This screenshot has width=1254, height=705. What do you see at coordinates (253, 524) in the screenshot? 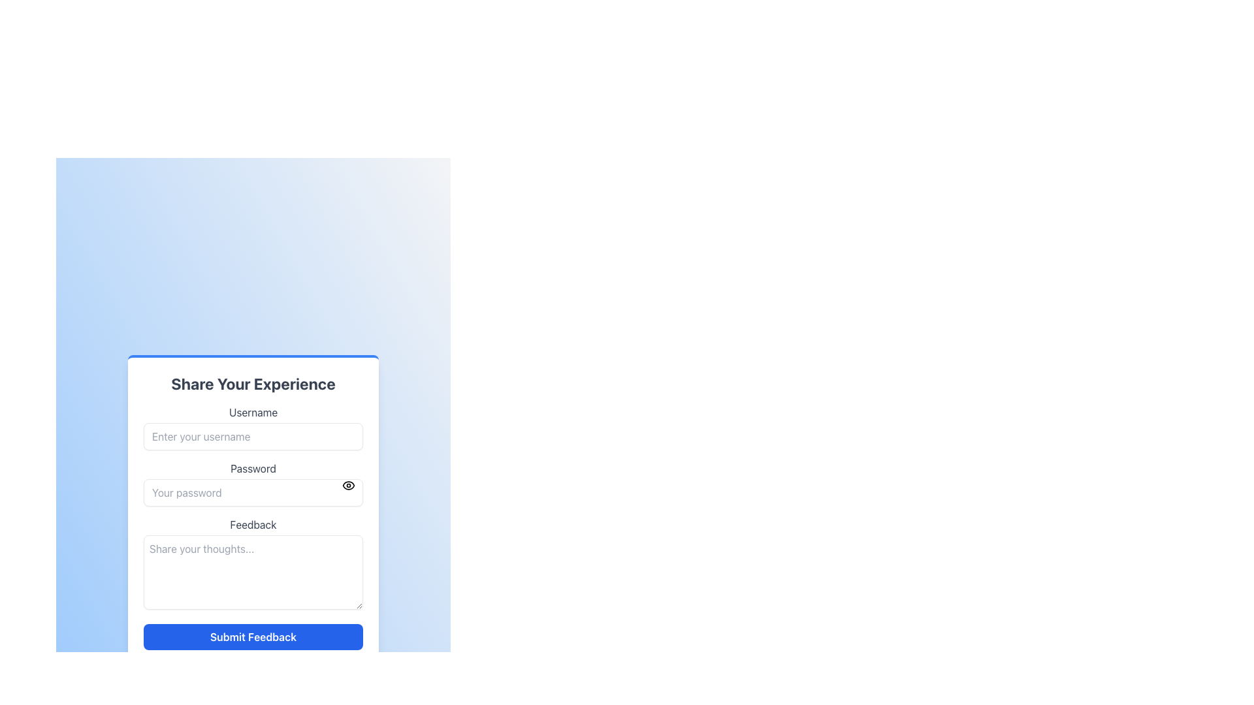
I see `the static text label that displays 'Feedback', which is styled in gray and positioned above the multi-line text input box` at bounding box center [253, 524].